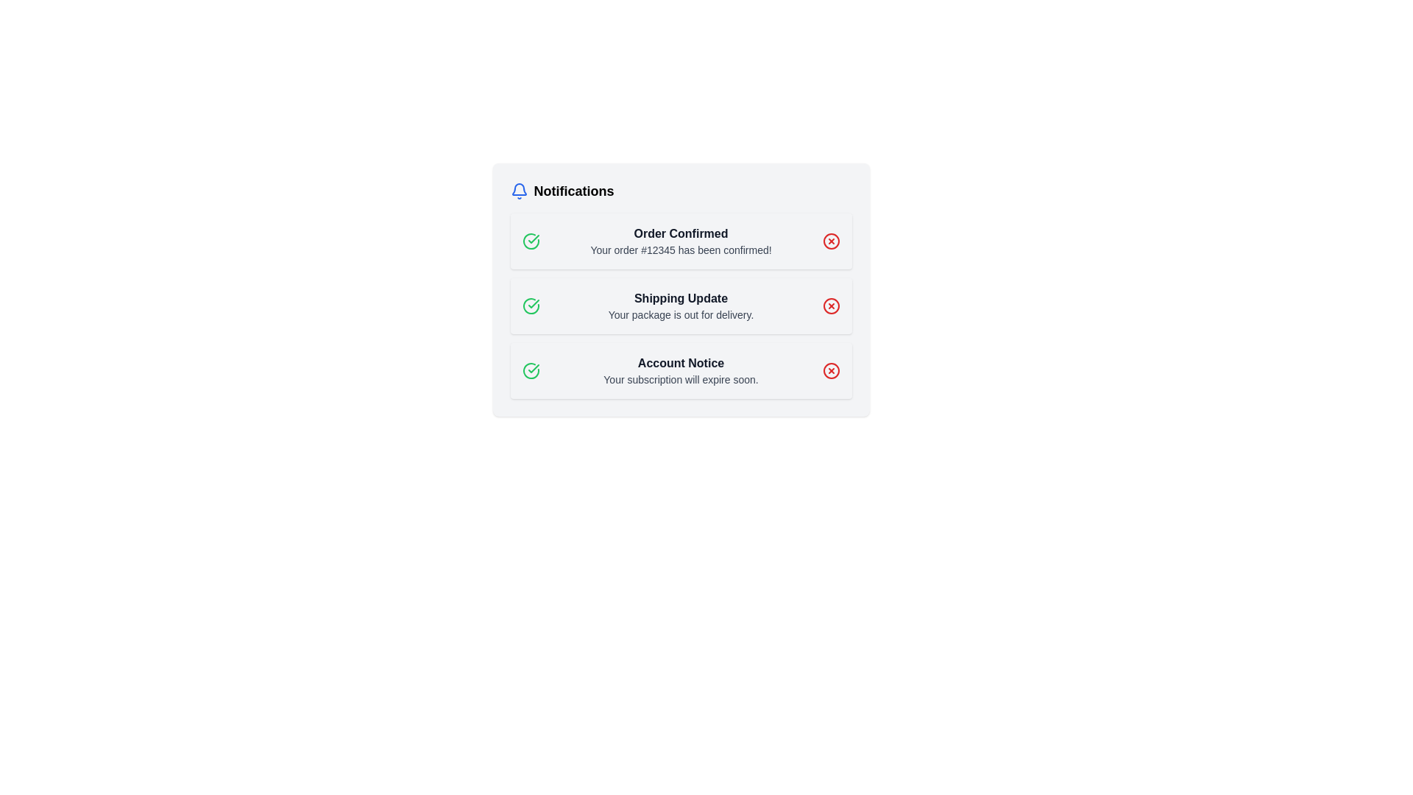 This screenshot has width=1413, height=795. What do you see at coordinates (680, 363) in the screenshot?
I see `the bold text label 'Account Notice' located in the notification section, which is styled in a semibold font and dark gray color` at bounding box center [680, 363].